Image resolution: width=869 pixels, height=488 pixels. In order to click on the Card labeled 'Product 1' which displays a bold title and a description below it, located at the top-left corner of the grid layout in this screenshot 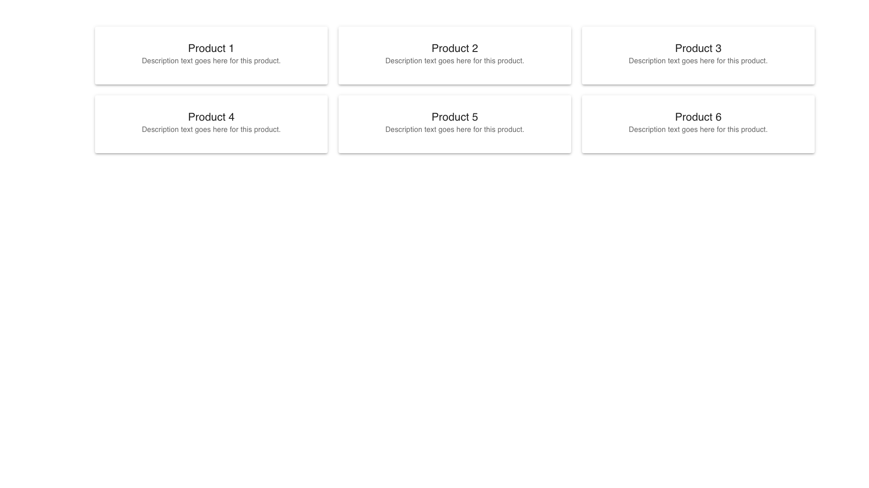, I will do `click(210, 56)`.